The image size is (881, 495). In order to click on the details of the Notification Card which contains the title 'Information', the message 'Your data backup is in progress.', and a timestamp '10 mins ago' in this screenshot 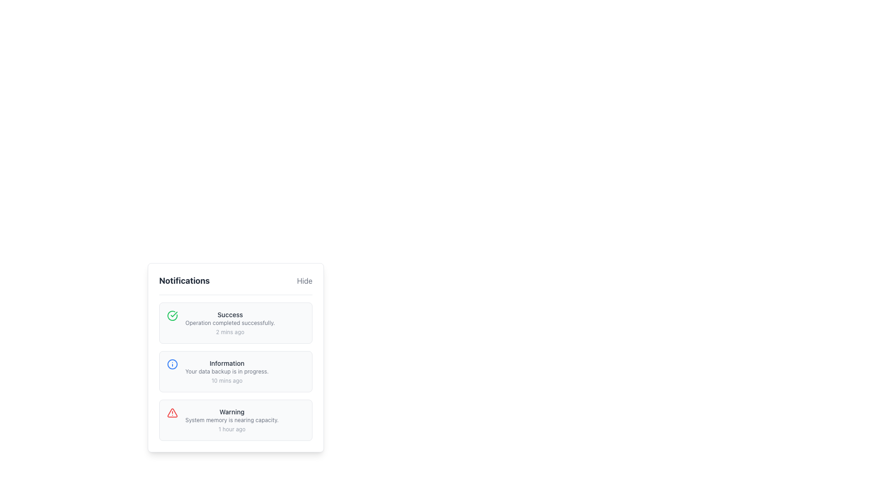, I will do `click(227, 371)`.